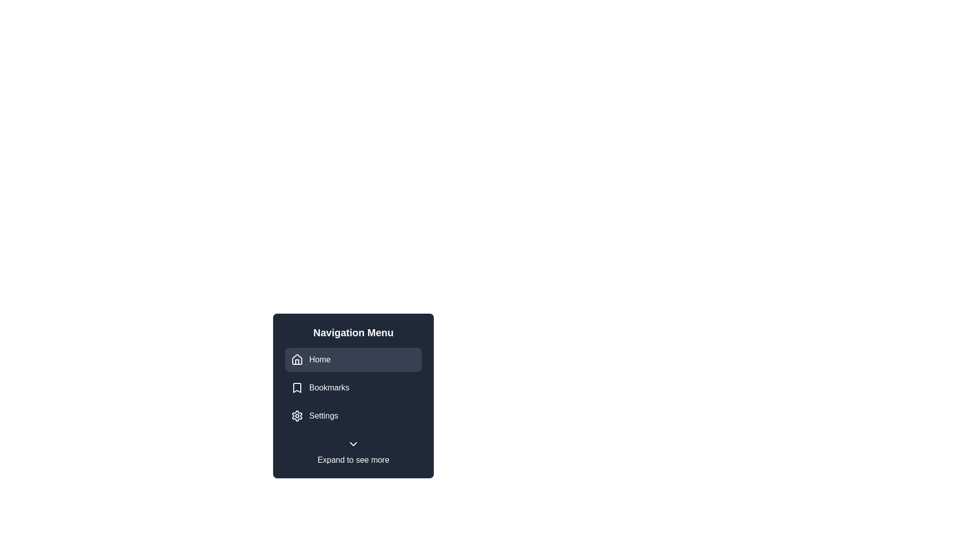 This screenshot has height=542, width=964. I want to click on the 'Settings' text label that is white on a dark background, positioned adjacent to the gear icon in the navigation menu, so click(323, 416).